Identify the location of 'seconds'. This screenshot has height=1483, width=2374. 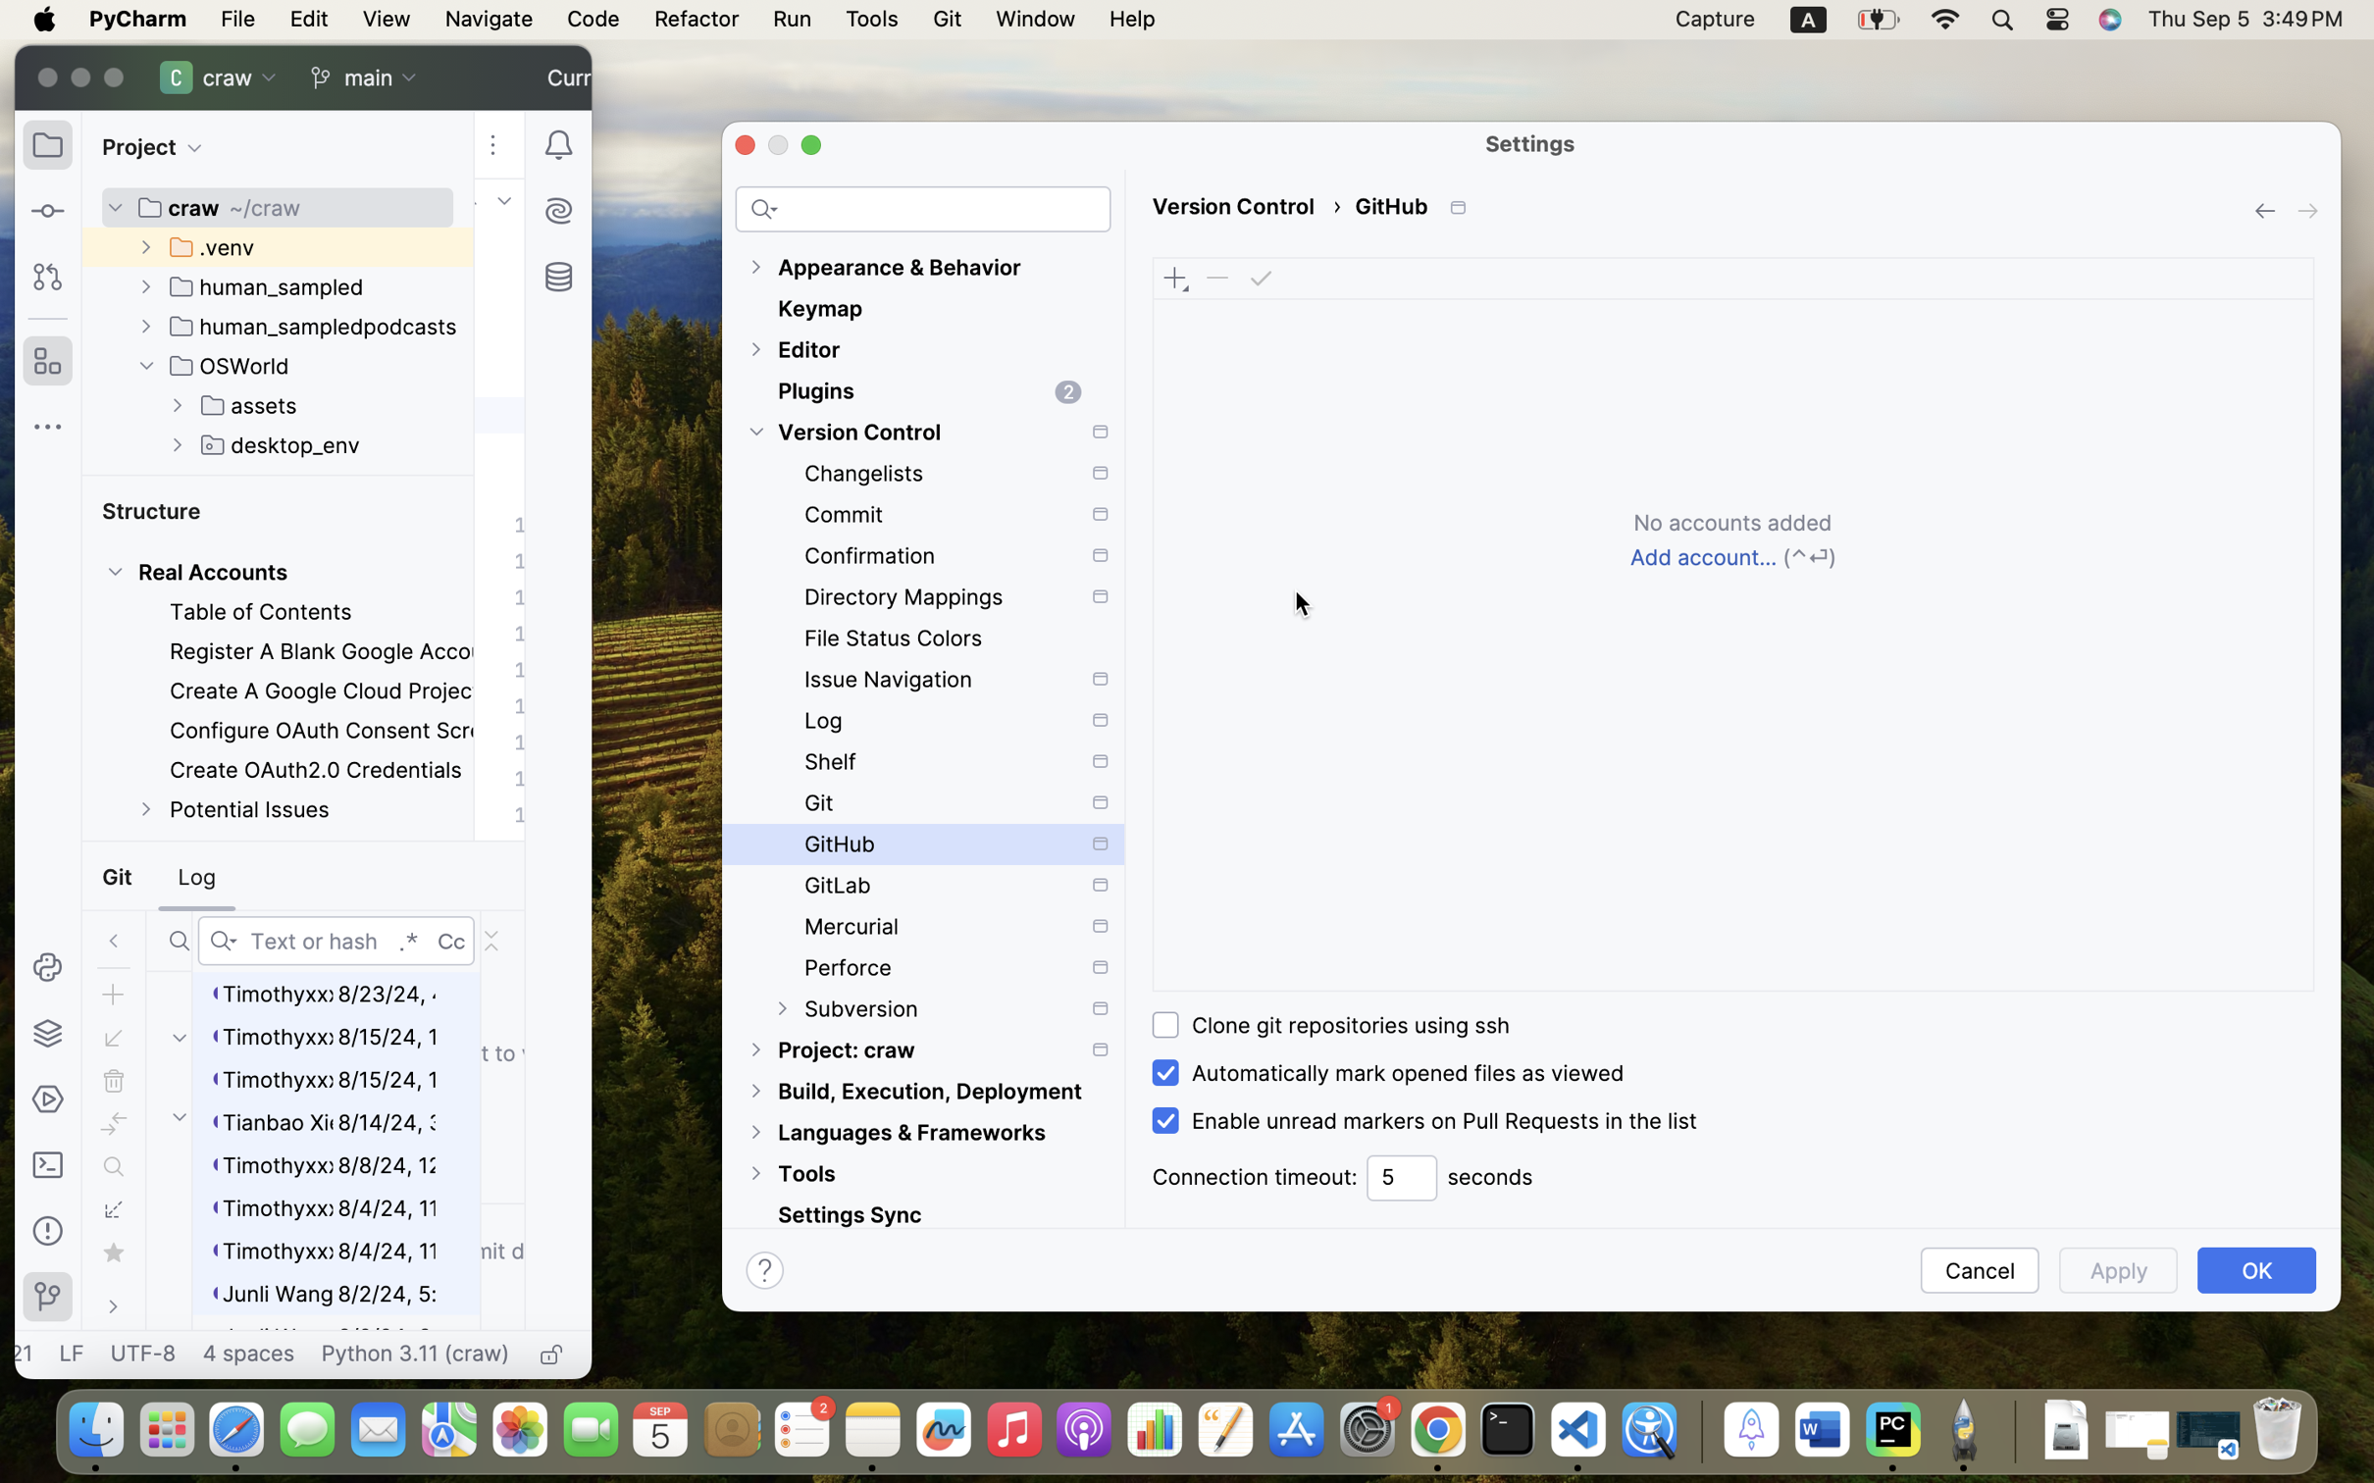
(1489, 1177).